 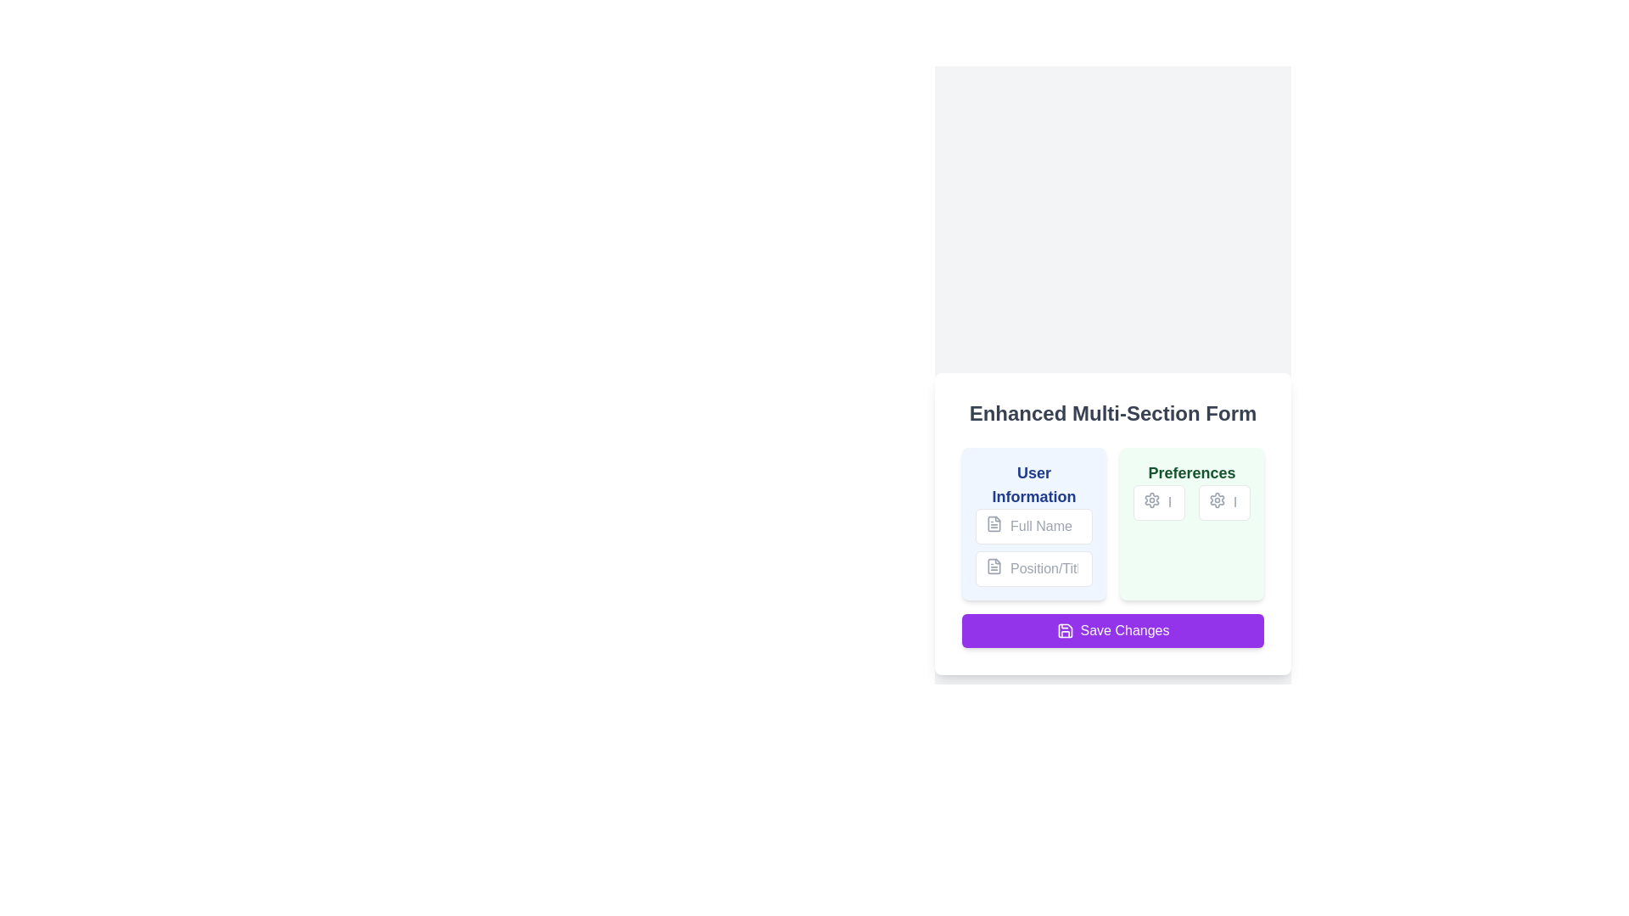 What do you see at coordinates (994, 566) in the screenshot?
I see `the icon representing a document, located in the 'User Information' section next to 'Position/Title'` at bounding box center [994, 566].